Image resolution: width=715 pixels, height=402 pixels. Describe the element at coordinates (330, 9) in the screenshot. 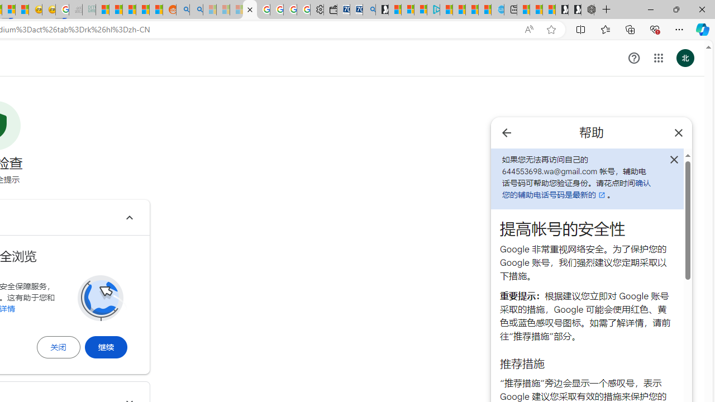

I see `'Wallet'` at that location.